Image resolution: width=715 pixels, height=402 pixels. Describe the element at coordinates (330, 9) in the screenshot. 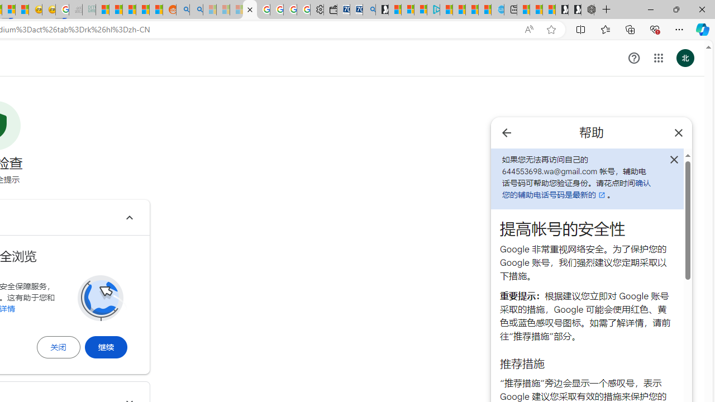

I see `'Wallet'` at that location.